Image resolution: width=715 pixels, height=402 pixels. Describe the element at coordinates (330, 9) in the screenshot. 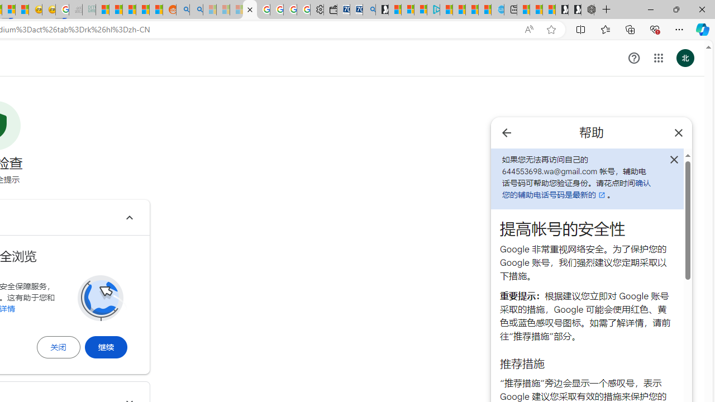

I see `'Wallet'` at that location.